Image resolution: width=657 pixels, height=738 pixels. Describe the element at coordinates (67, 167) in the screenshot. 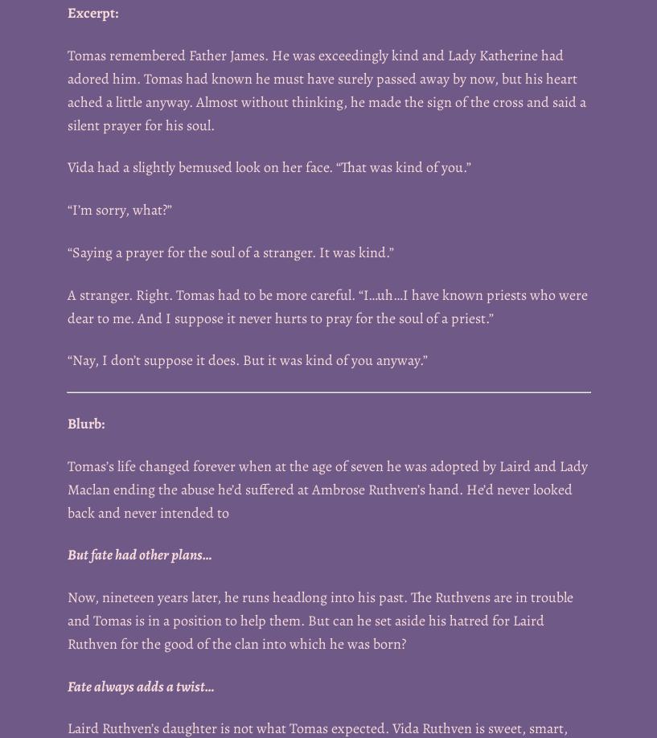

I see `'Vida had a slightly bemused look on her face. “That was kind of you.”'` at that location.